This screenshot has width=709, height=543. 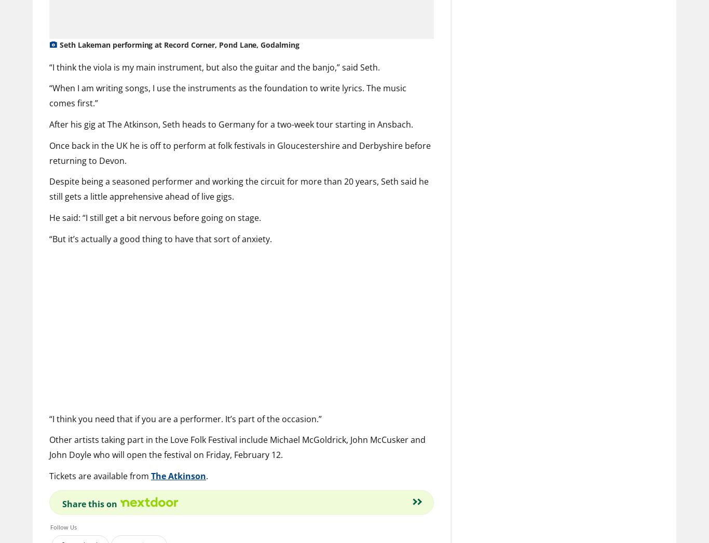 What do you see at coordinates (185, 418) in the screenshot?
I see `'“I think you need that if you are a performer. It’s part of the occasion.”'` at bounding box center [185, 418].